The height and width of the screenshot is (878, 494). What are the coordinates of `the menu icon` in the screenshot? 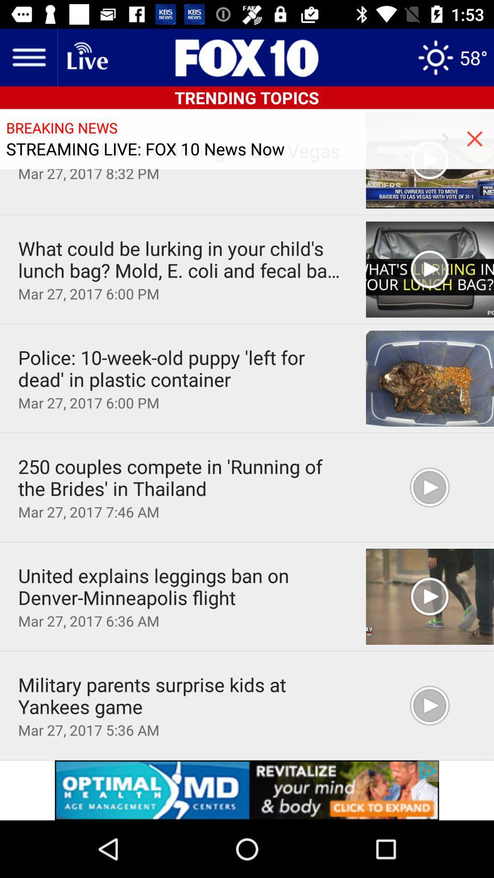 It's located at (28, 57).